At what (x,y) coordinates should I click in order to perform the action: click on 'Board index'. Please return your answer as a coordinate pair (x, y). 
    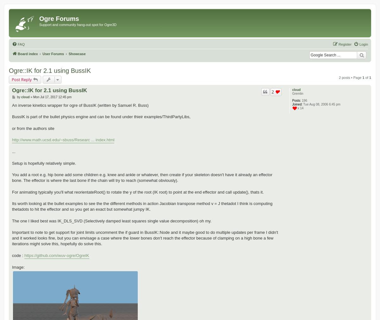
    Looking at the image, I should click on (28, 53).